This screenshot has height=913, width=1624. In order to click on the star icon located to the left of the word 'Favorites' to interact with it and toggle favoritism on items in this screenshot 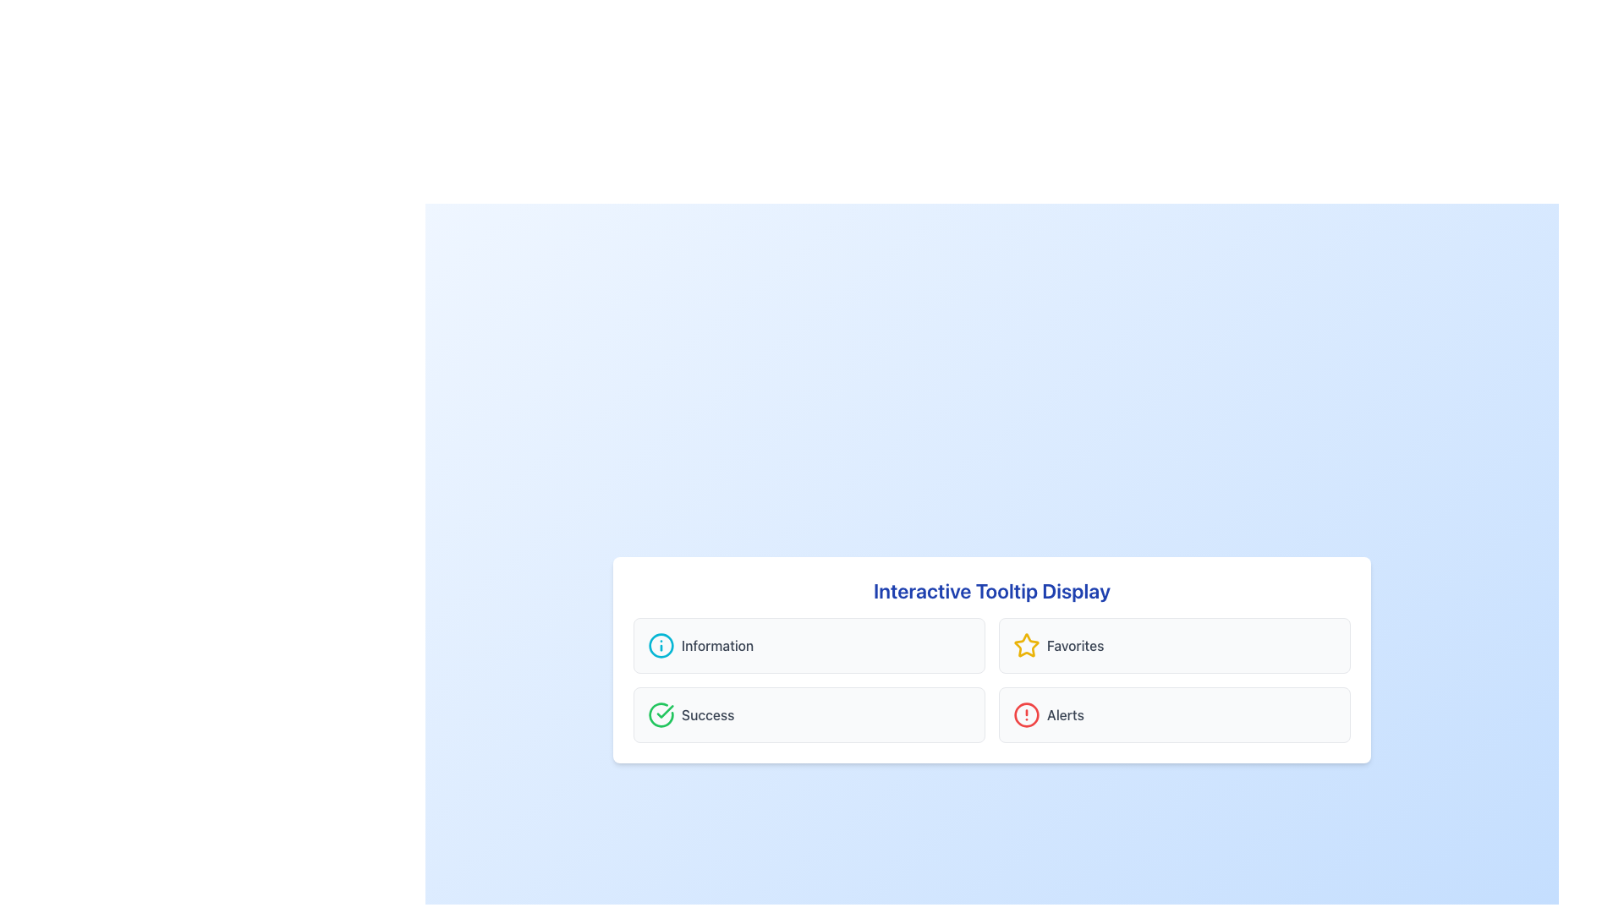, I will do `click(1026, 645)`.